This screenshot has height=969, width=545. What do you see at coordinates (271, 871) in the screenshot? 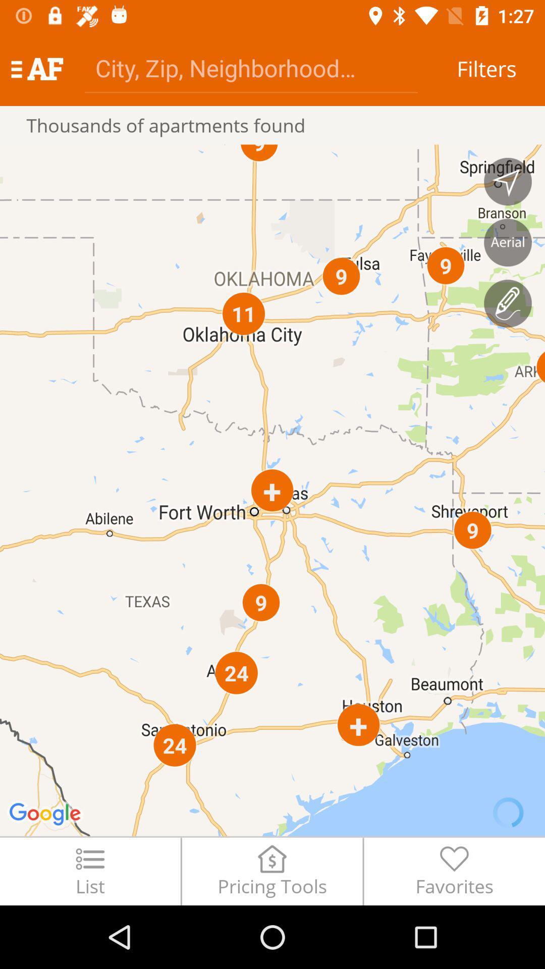
I see `the icon to the left of favorites icon` at bounding box center [271, 871].